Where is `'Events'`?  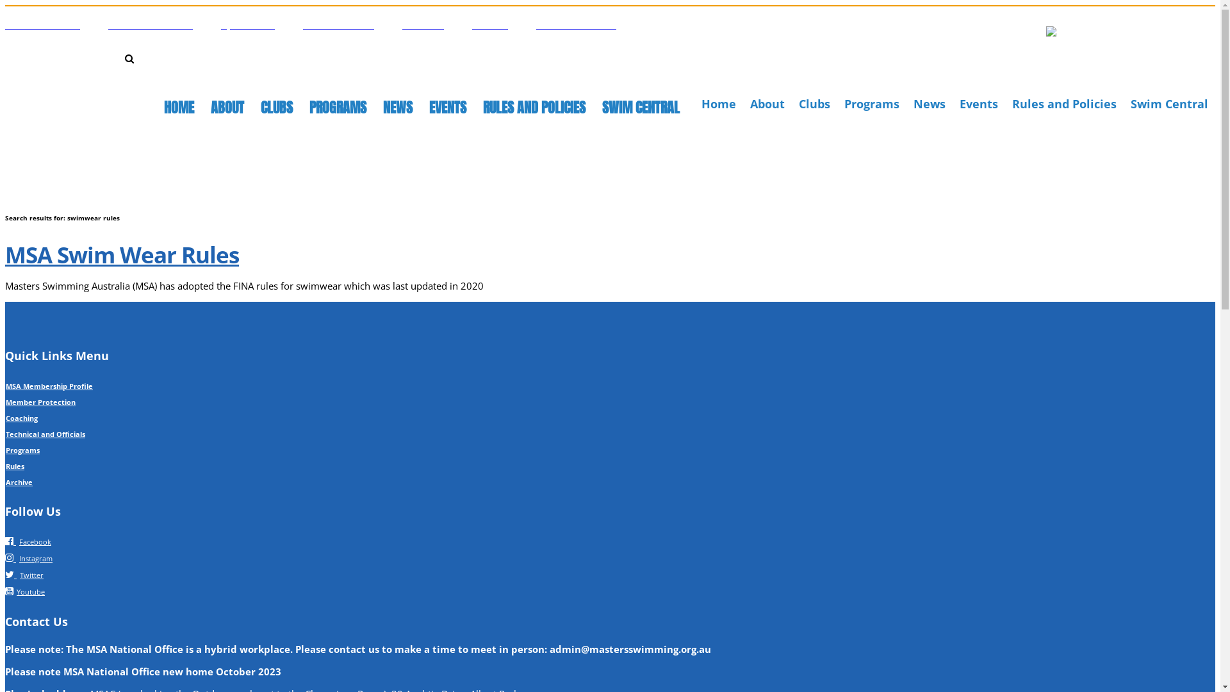 'Events' is located at coordinates (959, 103).